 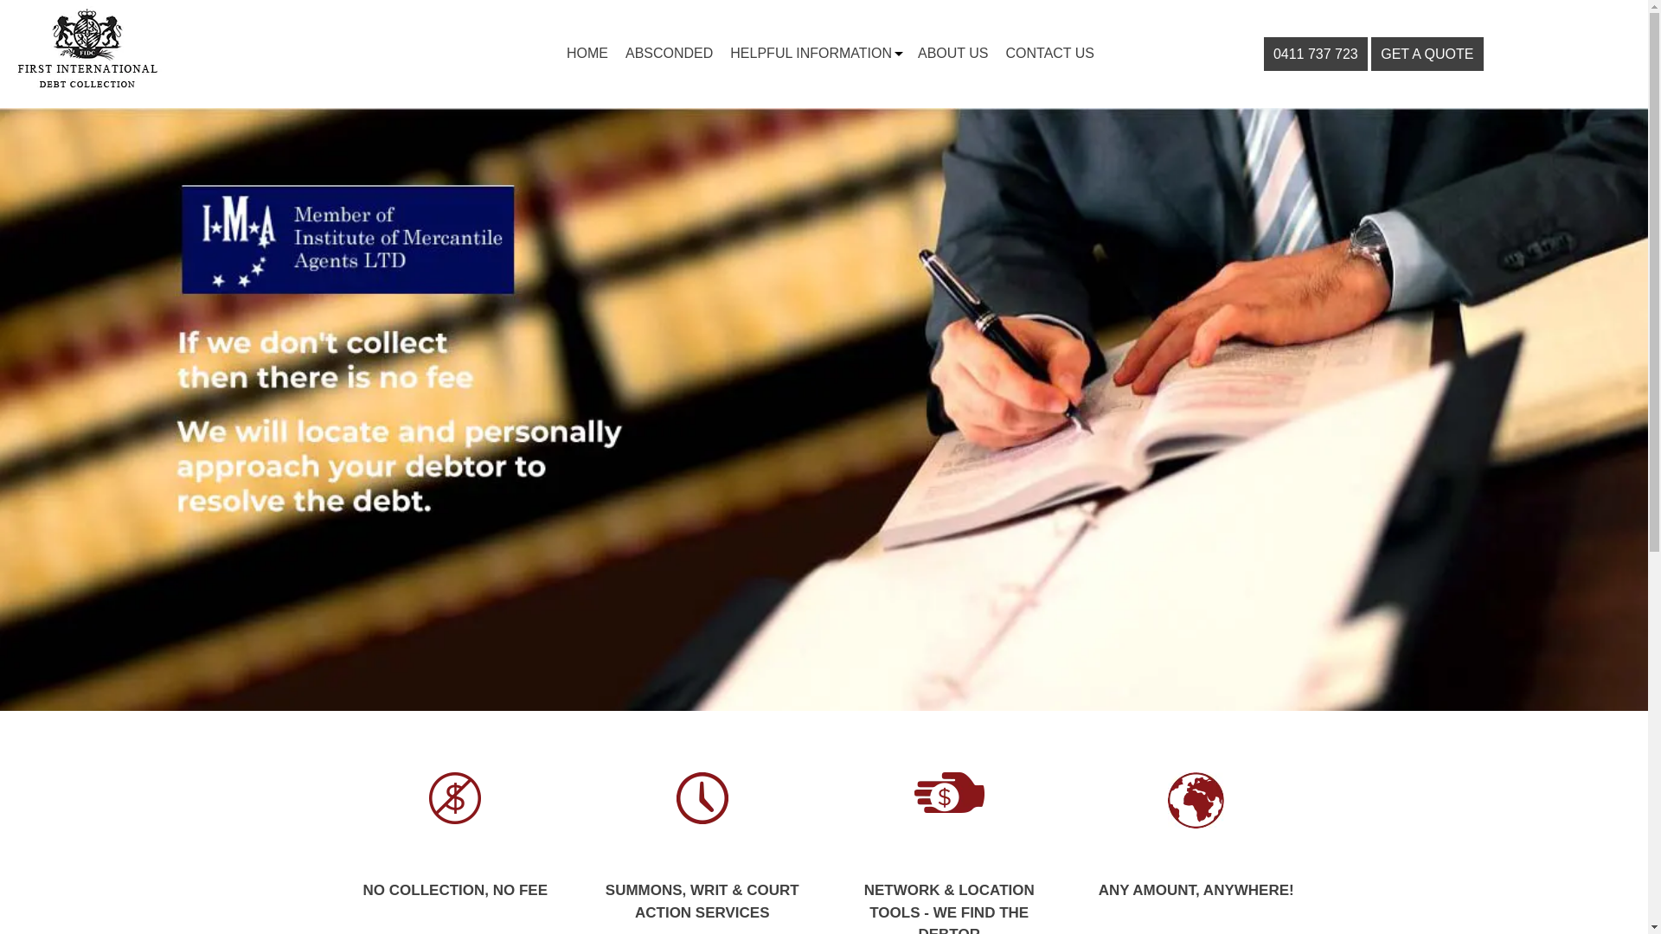 I want to click on 'CONTACT US', so click(x=1049, y=52).